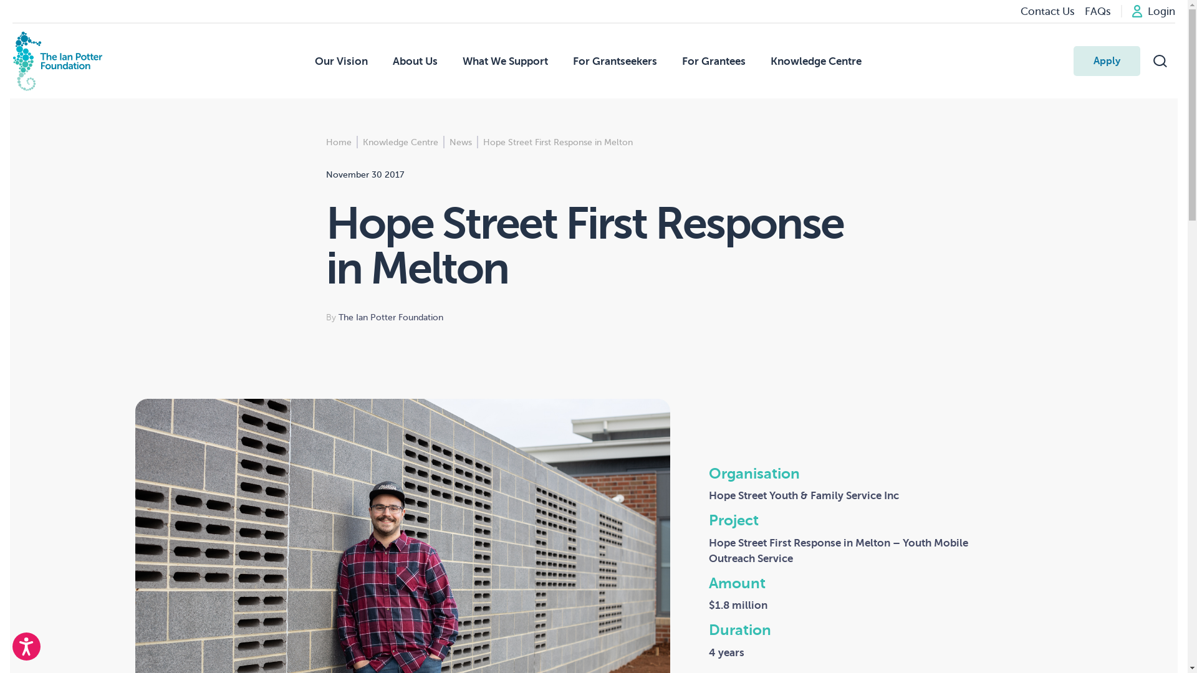 This screenshot has height=673, width=1197. Describe the element at coordinates (505, 60) in the screenshot. I see `'What We Support'` at that location.